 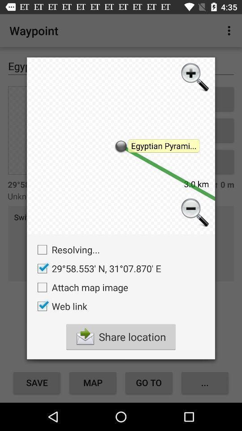 I want to click on the 29 58 553 icon, so click(x=96, y=268).